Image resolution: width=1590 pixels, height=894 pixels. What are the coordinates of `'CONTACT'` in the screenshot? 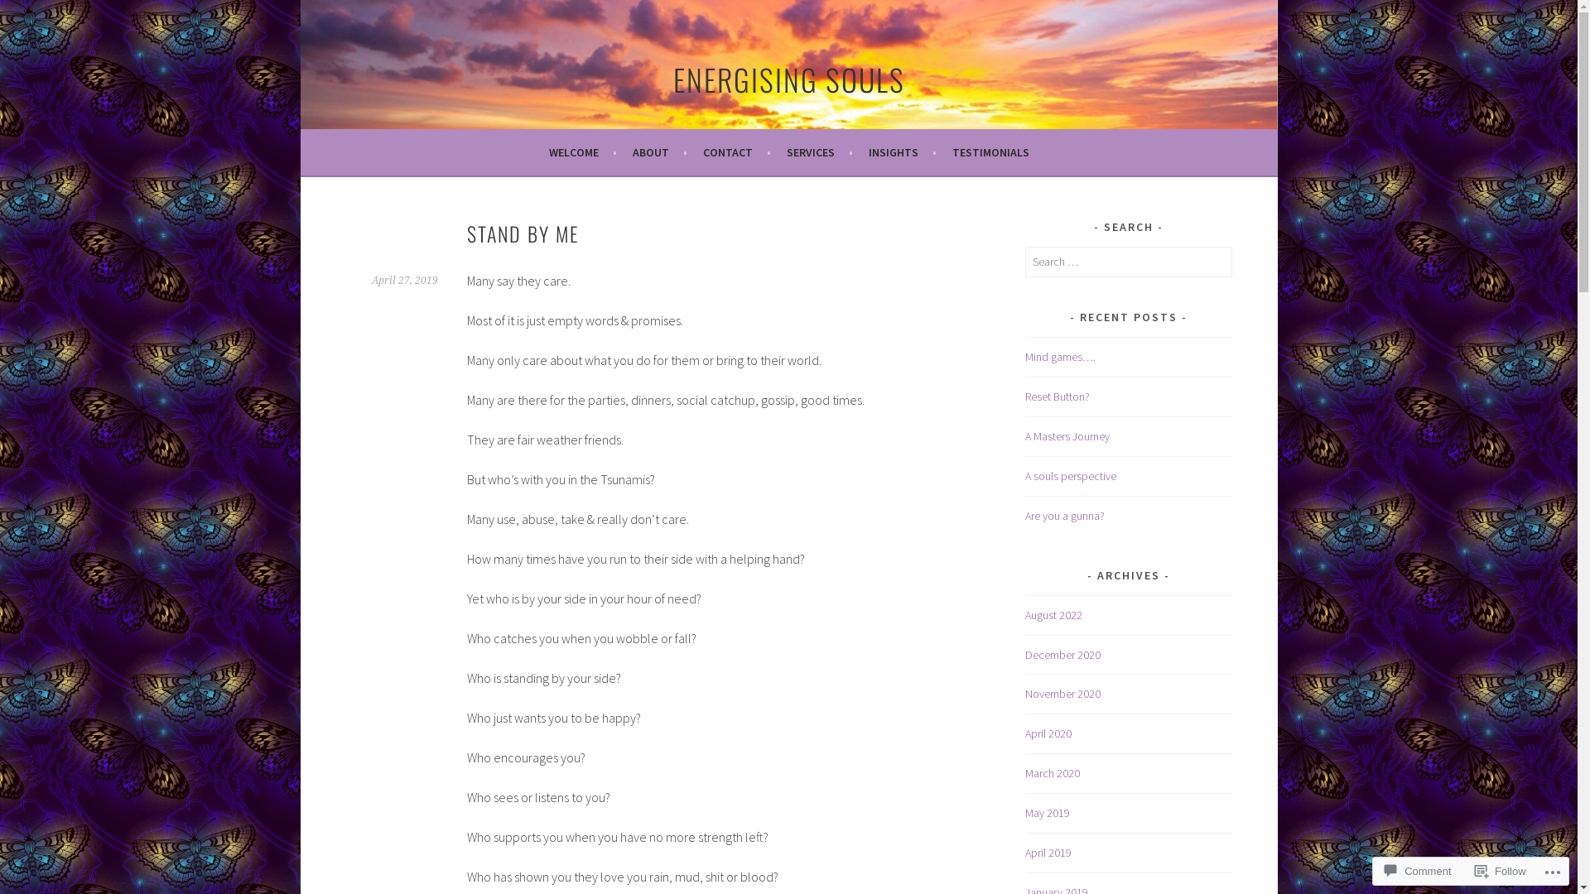 It's located at (735, 152).